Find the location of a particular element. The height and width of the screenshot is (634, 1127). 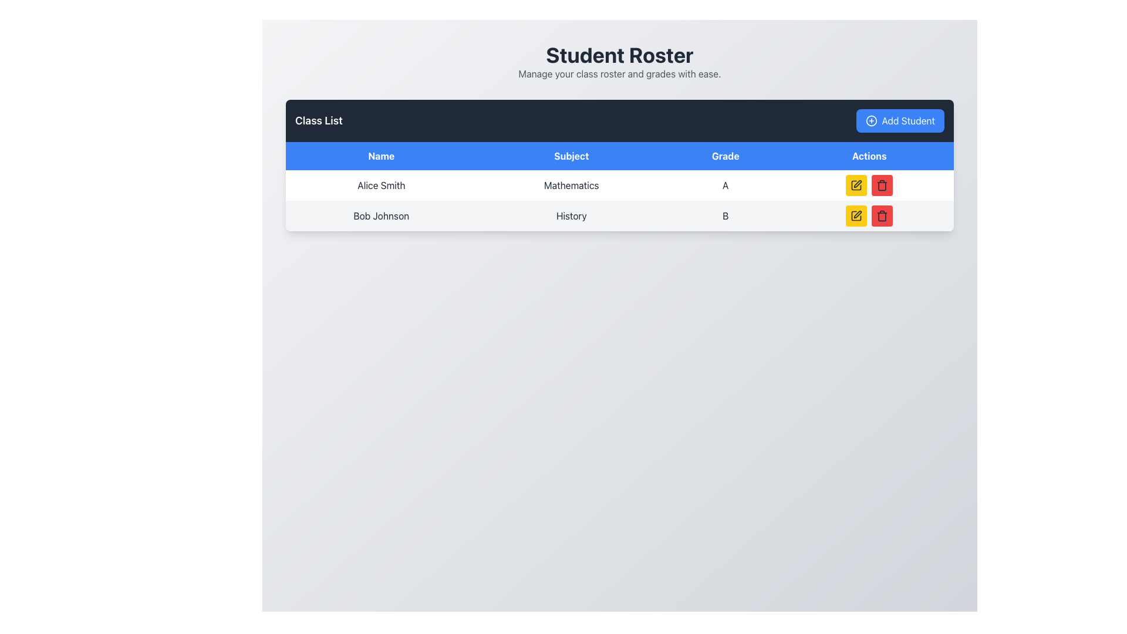

the static text label displaying the subject name associated with the row entry for 'Bob Johnson' in the 'Class List' table, located in the second column of the second row is located at coordinates (571, 215).